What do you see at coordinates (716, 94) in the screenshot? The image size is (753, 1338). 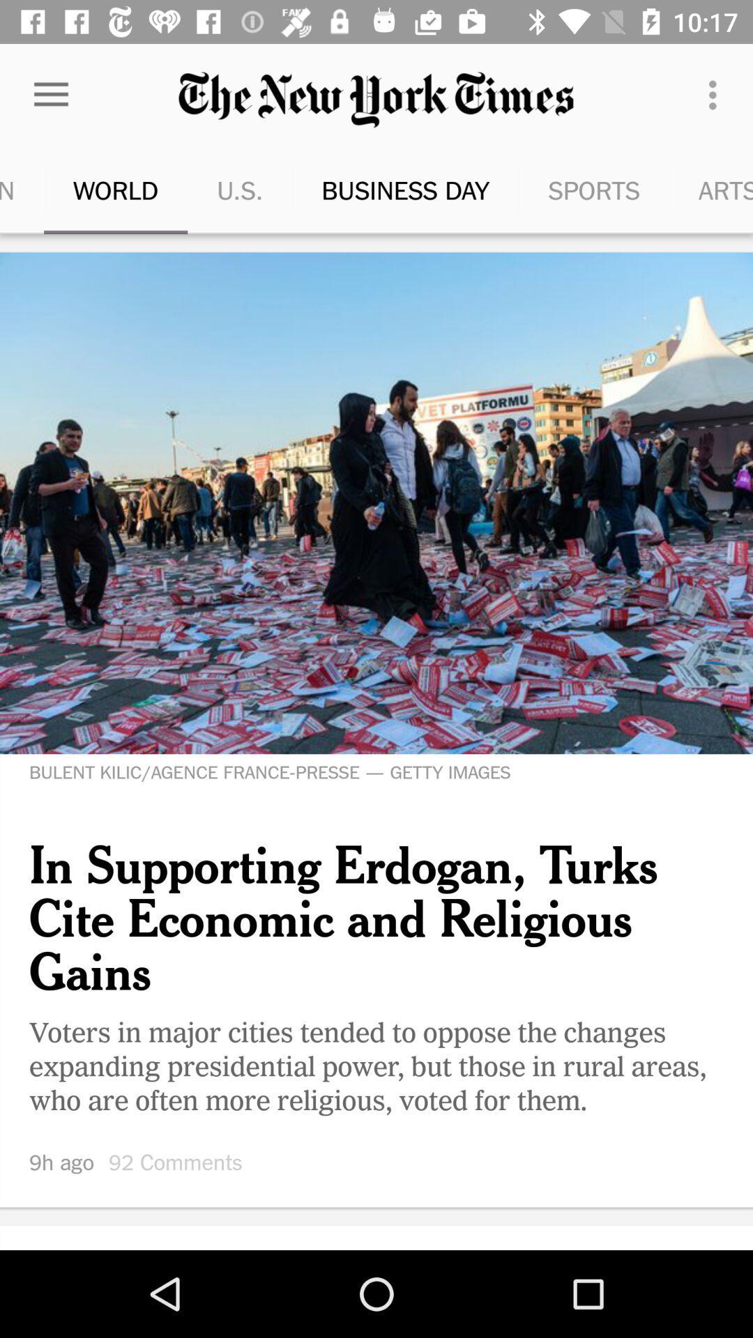 I see `the item next to the sports icon` at bounding box center [716, 94].